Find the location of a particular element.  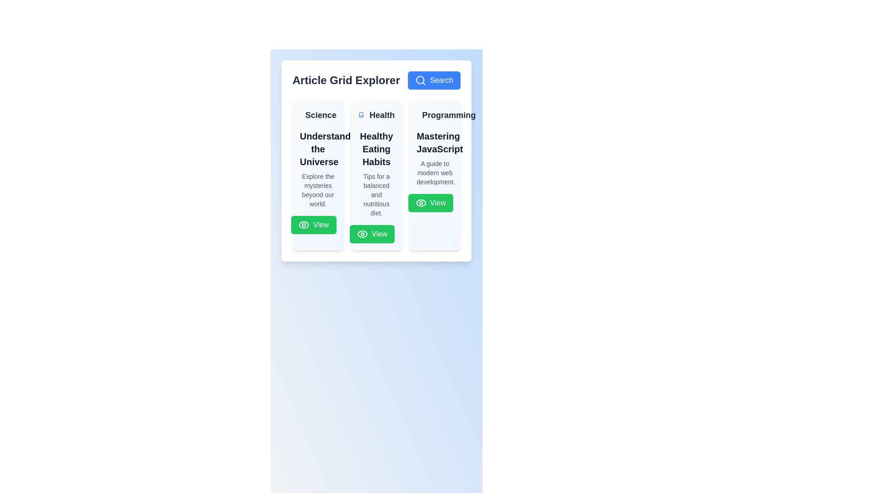

the decorative search icon located within the 'Search' button at the top right corner of the main interface, next to the 'Article Grid Explorer' heading is located at coordinates (420, 80).